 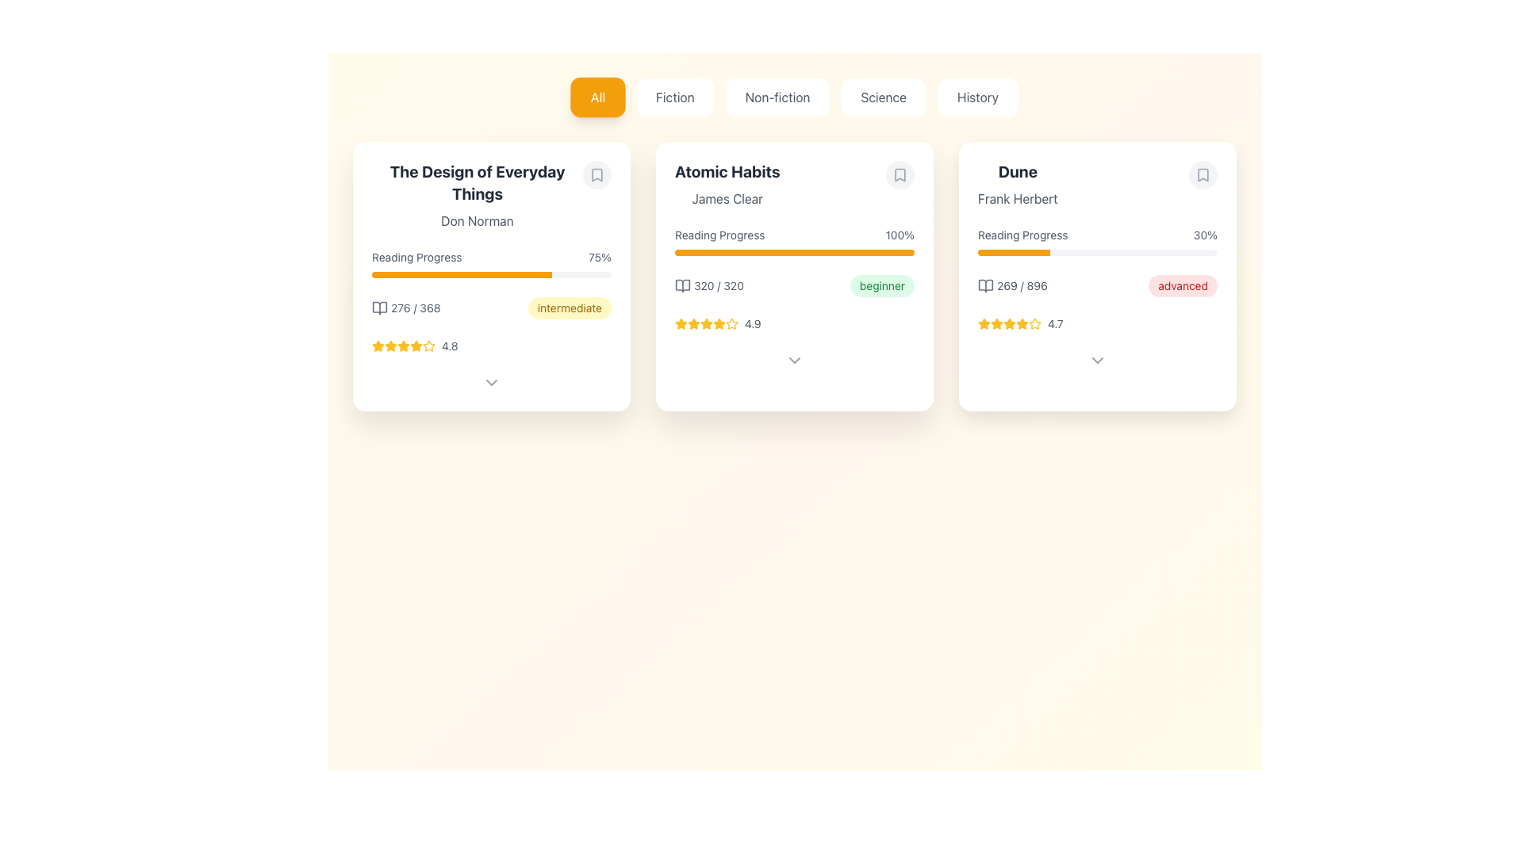 I want to click on the Rating display element for 'The Design of Everyday Things', which includes star icons and a numeric rating value of '4.8', located below the 'intermediate' level indicator, so click(x=490, y=345).